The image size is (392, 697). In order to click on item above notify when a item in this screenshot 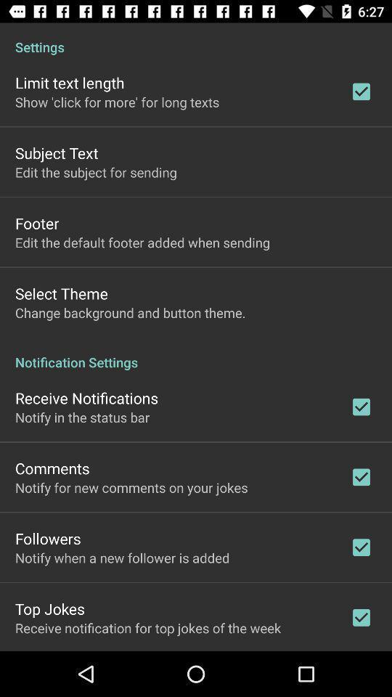, I will do `click(48, 537)`.